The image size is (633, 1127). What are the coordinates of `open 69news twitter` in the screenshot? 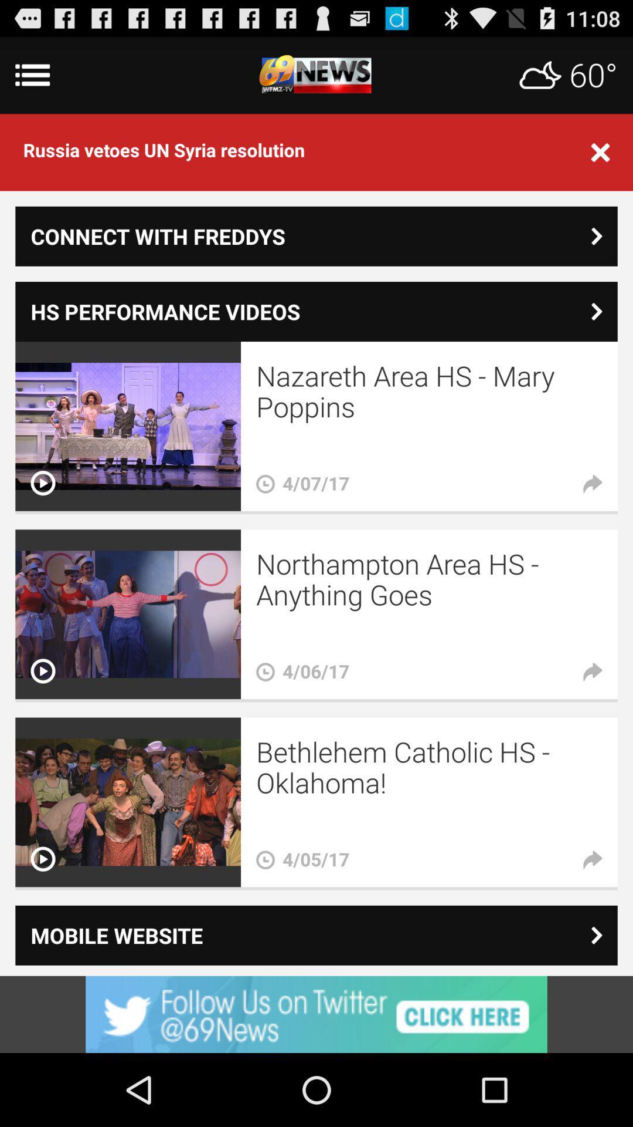 It's located at (316, 1014).